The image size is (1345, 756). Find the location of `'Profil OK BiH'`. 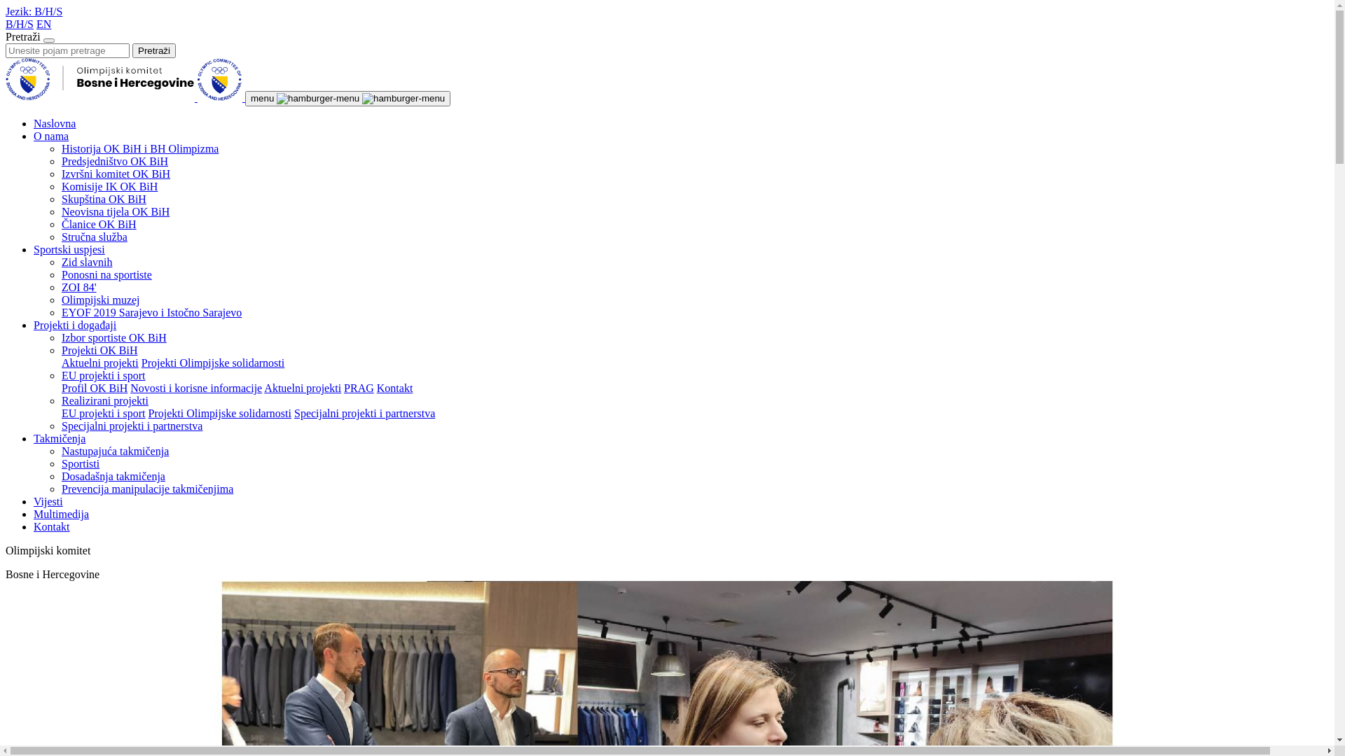

'Profil OK BiH' is located at coordinates (93, 388).